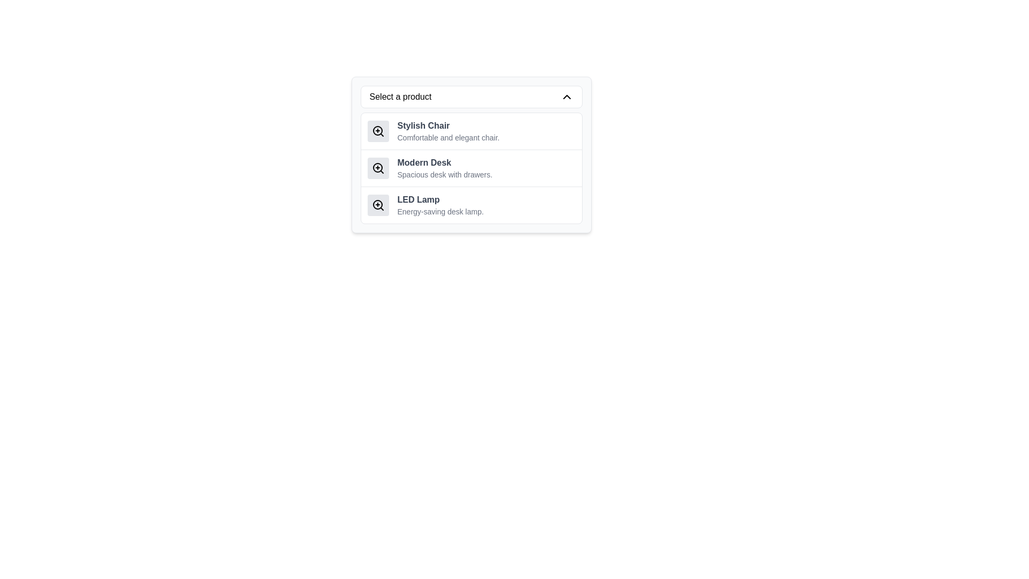 The width and height of the screenshot is (1029, 579). What do you see at coordinates (378, 131) in the screenshot?
I see `the zoom-in icon located to the left of the 'Stylish Chair' label in the first row of the product list` at bounding box center [378, 131].